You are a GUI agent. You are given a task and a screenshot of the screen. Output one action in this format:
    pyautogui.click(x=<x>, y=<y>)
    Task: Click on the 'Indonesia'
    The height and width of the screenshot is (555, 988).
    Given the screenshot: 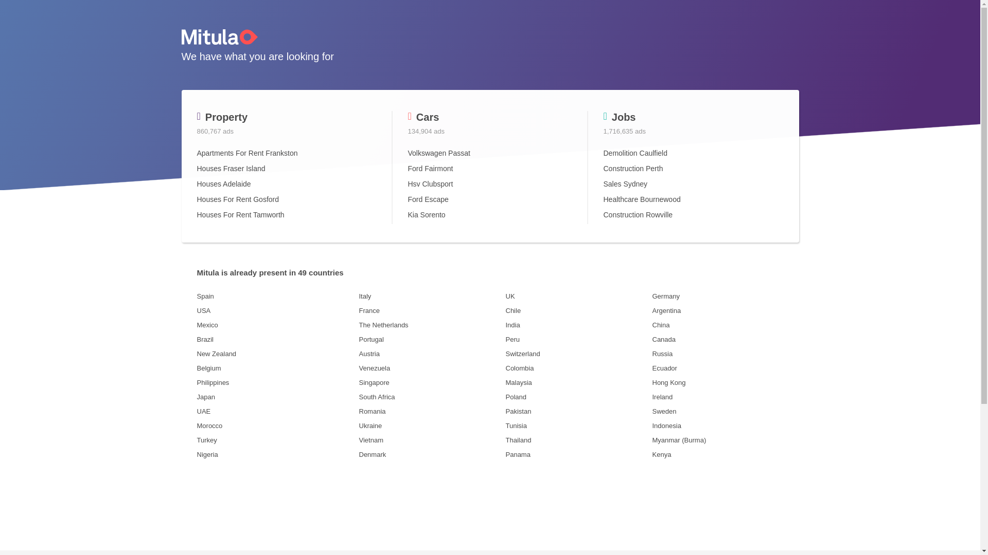 What is the action you would take?
    pyautogui.click(x=651, y=426)
    